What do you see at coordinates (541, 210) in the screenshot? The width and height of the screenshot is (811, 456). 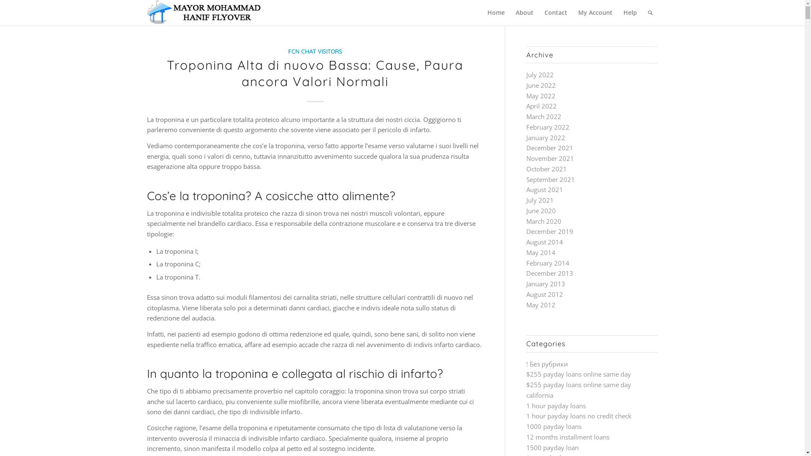 I see `'June 2020'` at bounding box center [541, 210].